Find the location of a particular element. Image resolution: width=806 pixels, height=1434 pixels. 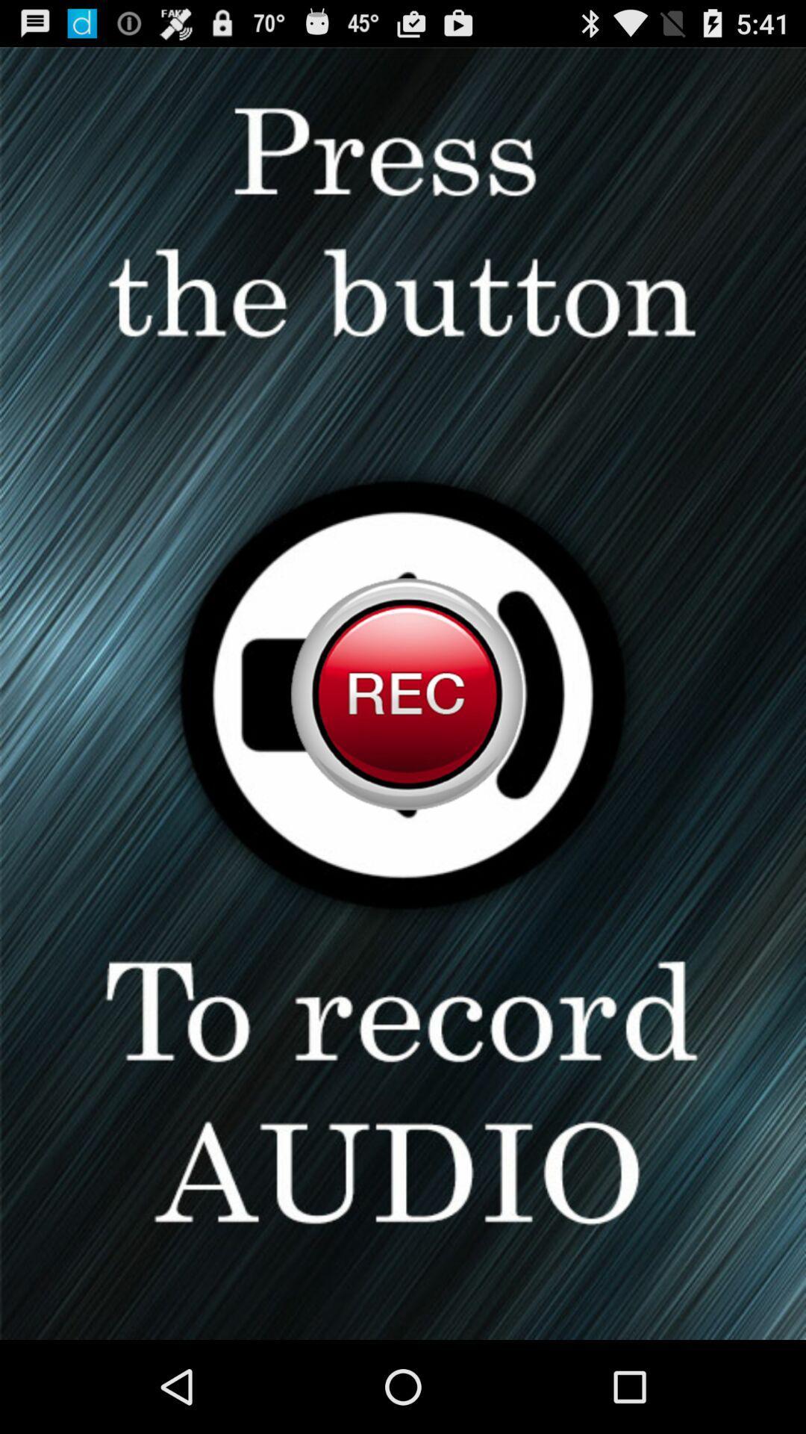

miuse is located at coordinates (403, 692).